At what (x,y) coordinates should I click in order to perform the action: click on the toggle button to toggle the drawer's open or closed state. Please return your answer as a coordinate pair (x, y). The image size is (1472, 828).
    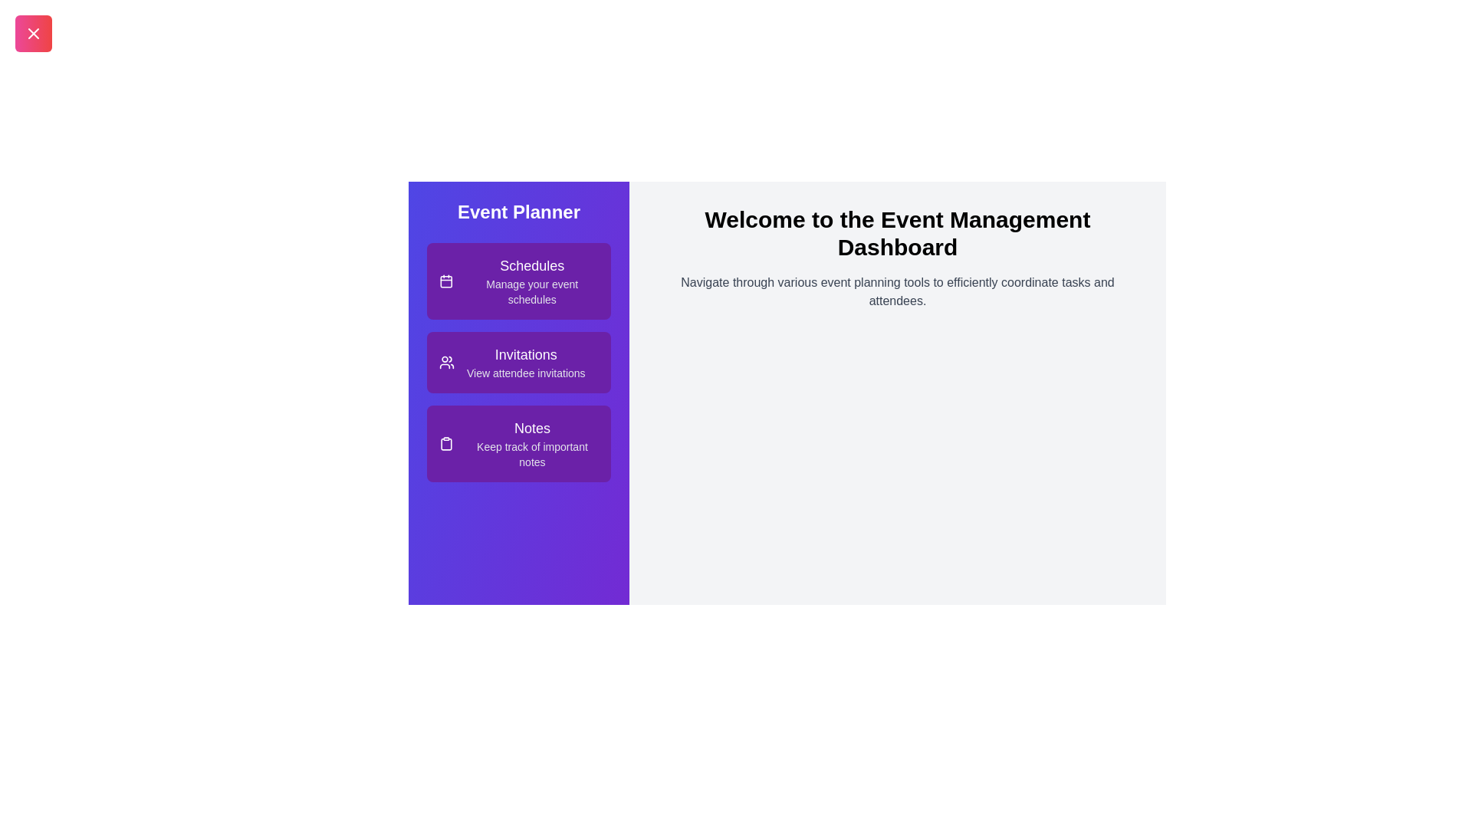
    Looking at the image, I should click on (33, 33).